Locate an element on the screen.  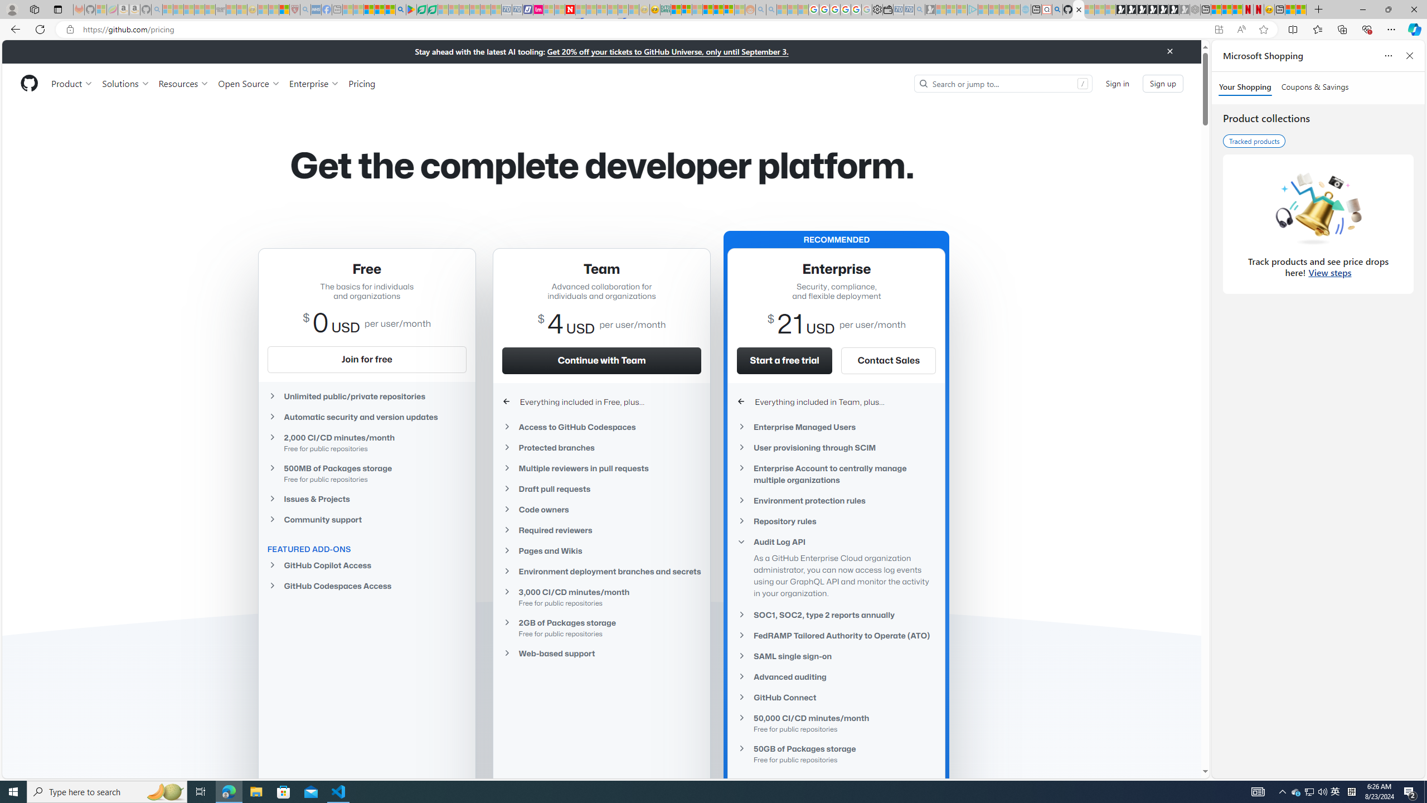
'Enterprise' is located at coordinates (313, 83).